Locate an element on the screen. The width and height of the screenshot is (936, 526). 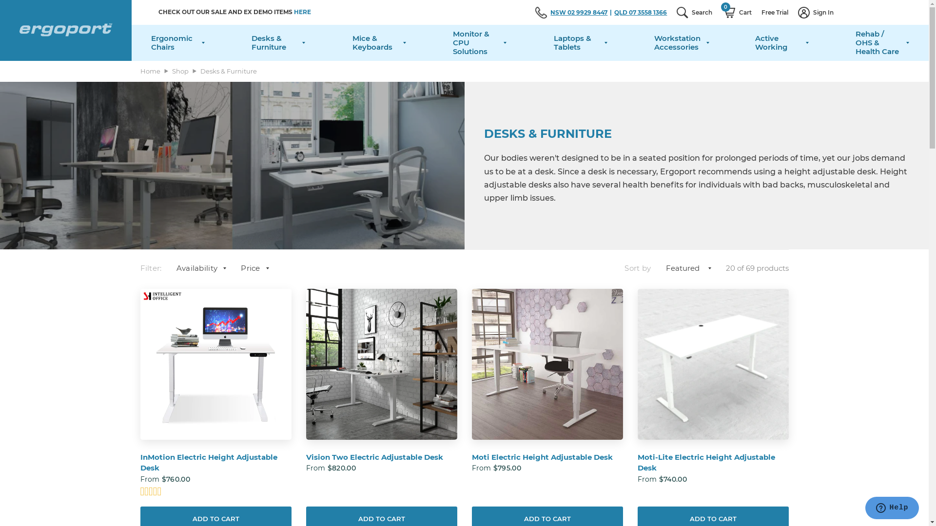
'Vision Two Electric Adjustable Desk' is located at coordinates (381, 457).